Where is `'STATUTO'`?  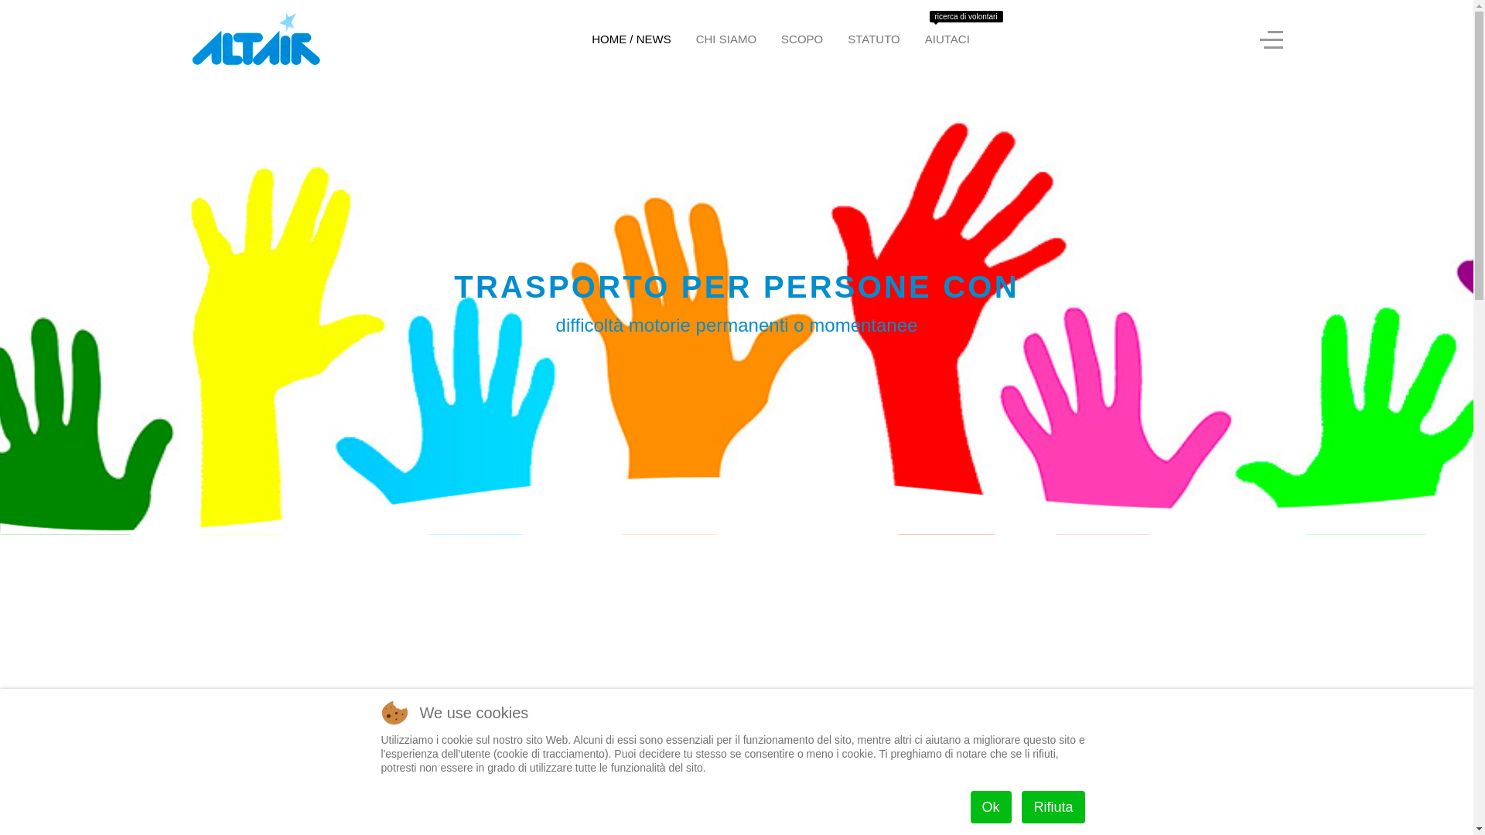 'STATUTO' is located at coordinates (835, 38).